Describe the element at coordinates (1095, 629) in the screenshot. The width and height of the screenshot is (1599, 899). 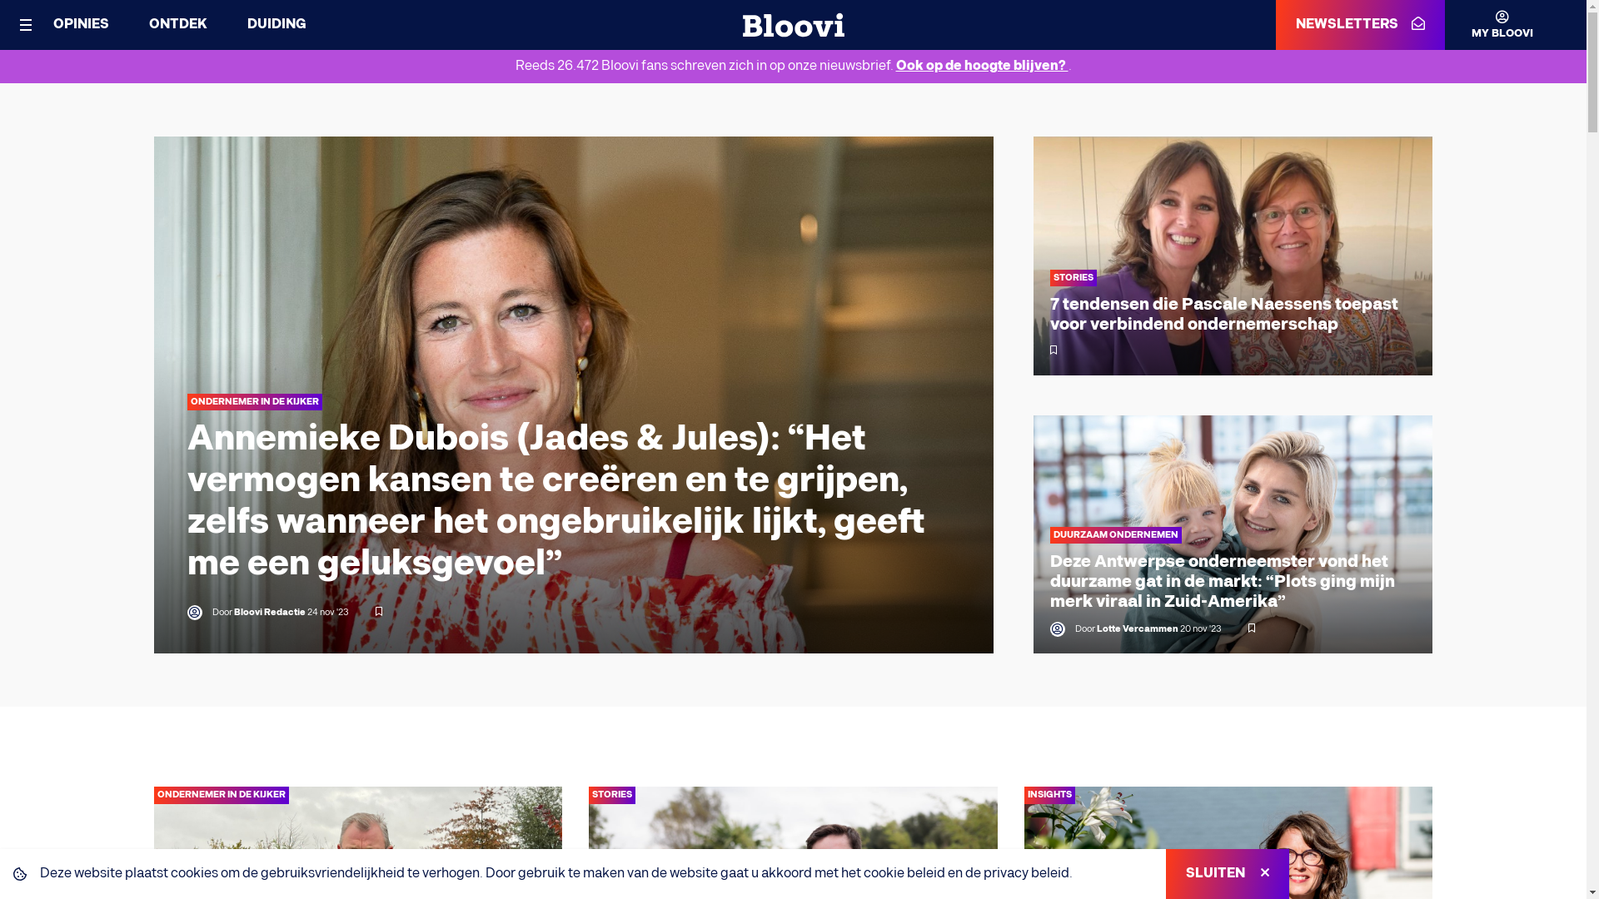
I see `'Lotte Vercammen'` at that location.